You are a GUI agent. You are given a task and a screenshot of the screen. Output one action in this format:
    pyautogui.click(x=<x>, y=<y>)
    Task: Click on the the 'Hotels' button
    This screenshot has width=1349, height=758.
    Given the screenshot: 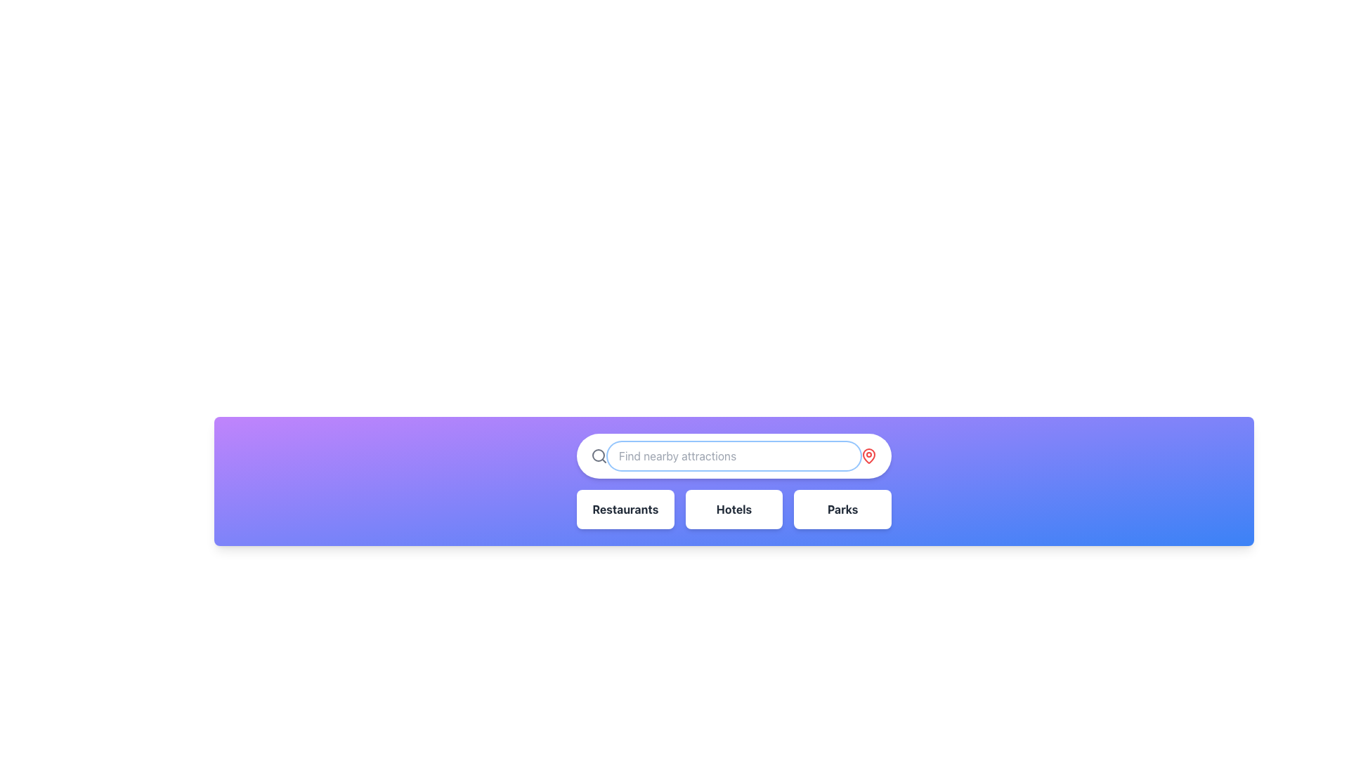 What is the action you would take?
    pyautogui.click(x=734, y=509)
    